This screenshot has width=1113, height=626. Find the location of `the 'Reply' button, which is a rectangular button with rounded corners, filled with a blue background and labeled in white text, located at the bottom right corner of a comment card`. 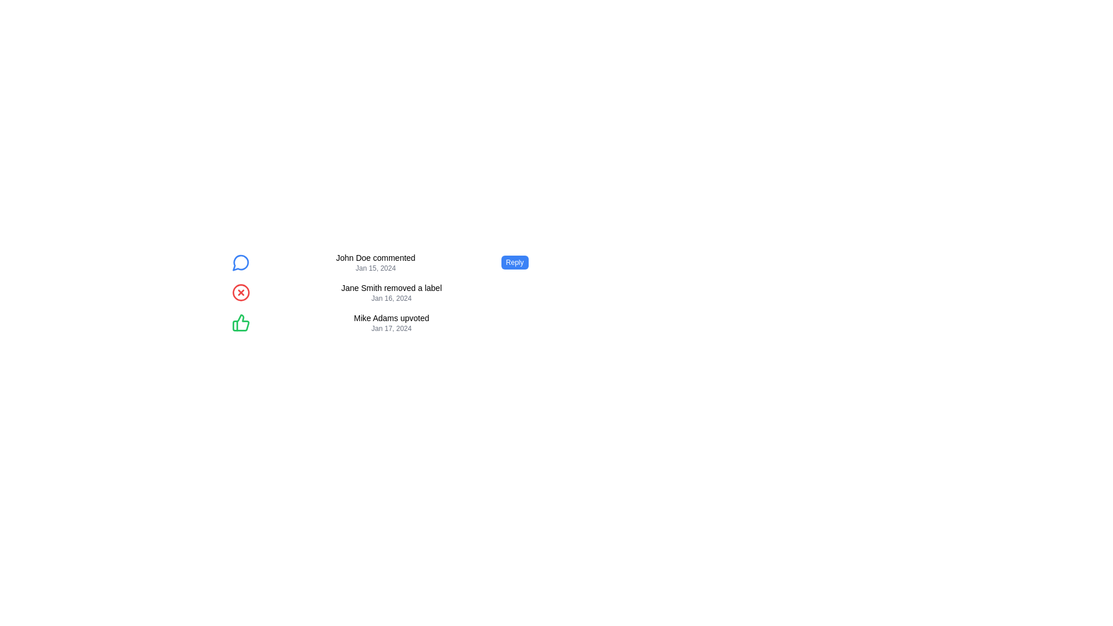

the 'Reply' button, which is a rectangular button with rounded corners, filled with a blue background and labeled in white text, located at the bottom right corner of a comment card is located at coordinates (514, 262).